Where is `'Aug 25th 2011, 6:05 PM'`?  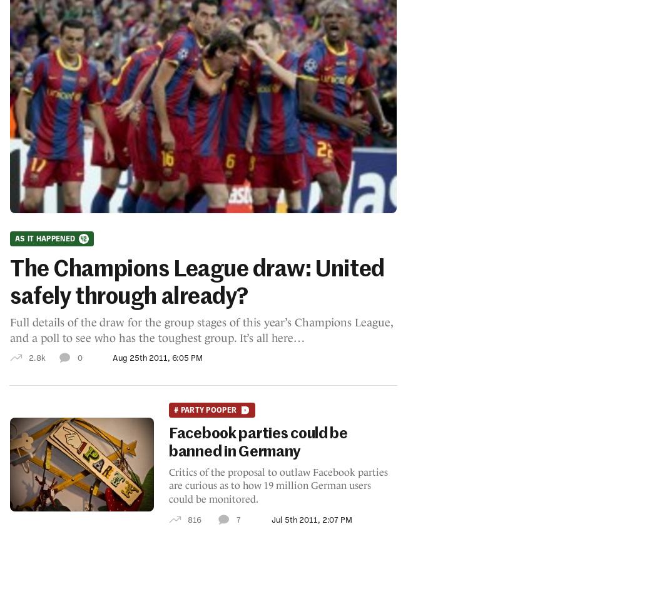
'Aug 25th 2011, 6:05 PM' is located at coordinates (157, 356).